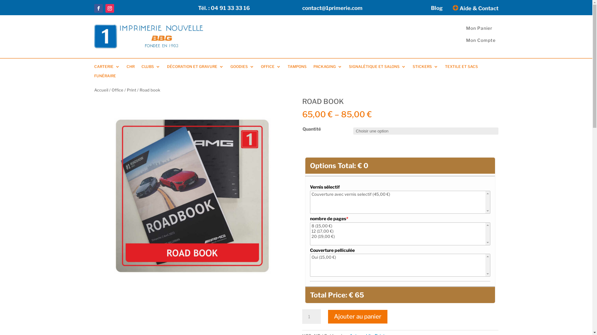 This screenshot has height=335, width=597. I want to click on 'Suivez sur Facebook', so click(98, 8).